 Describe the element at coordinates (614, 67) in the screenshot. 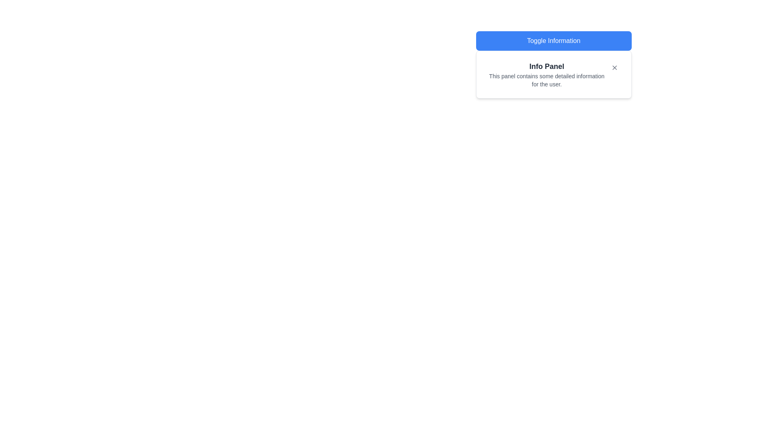

I see `the small, square-shaped 'X' icon in the top-right corner of the 'Info Panel' to change its color and indicate interactivity` at that location.